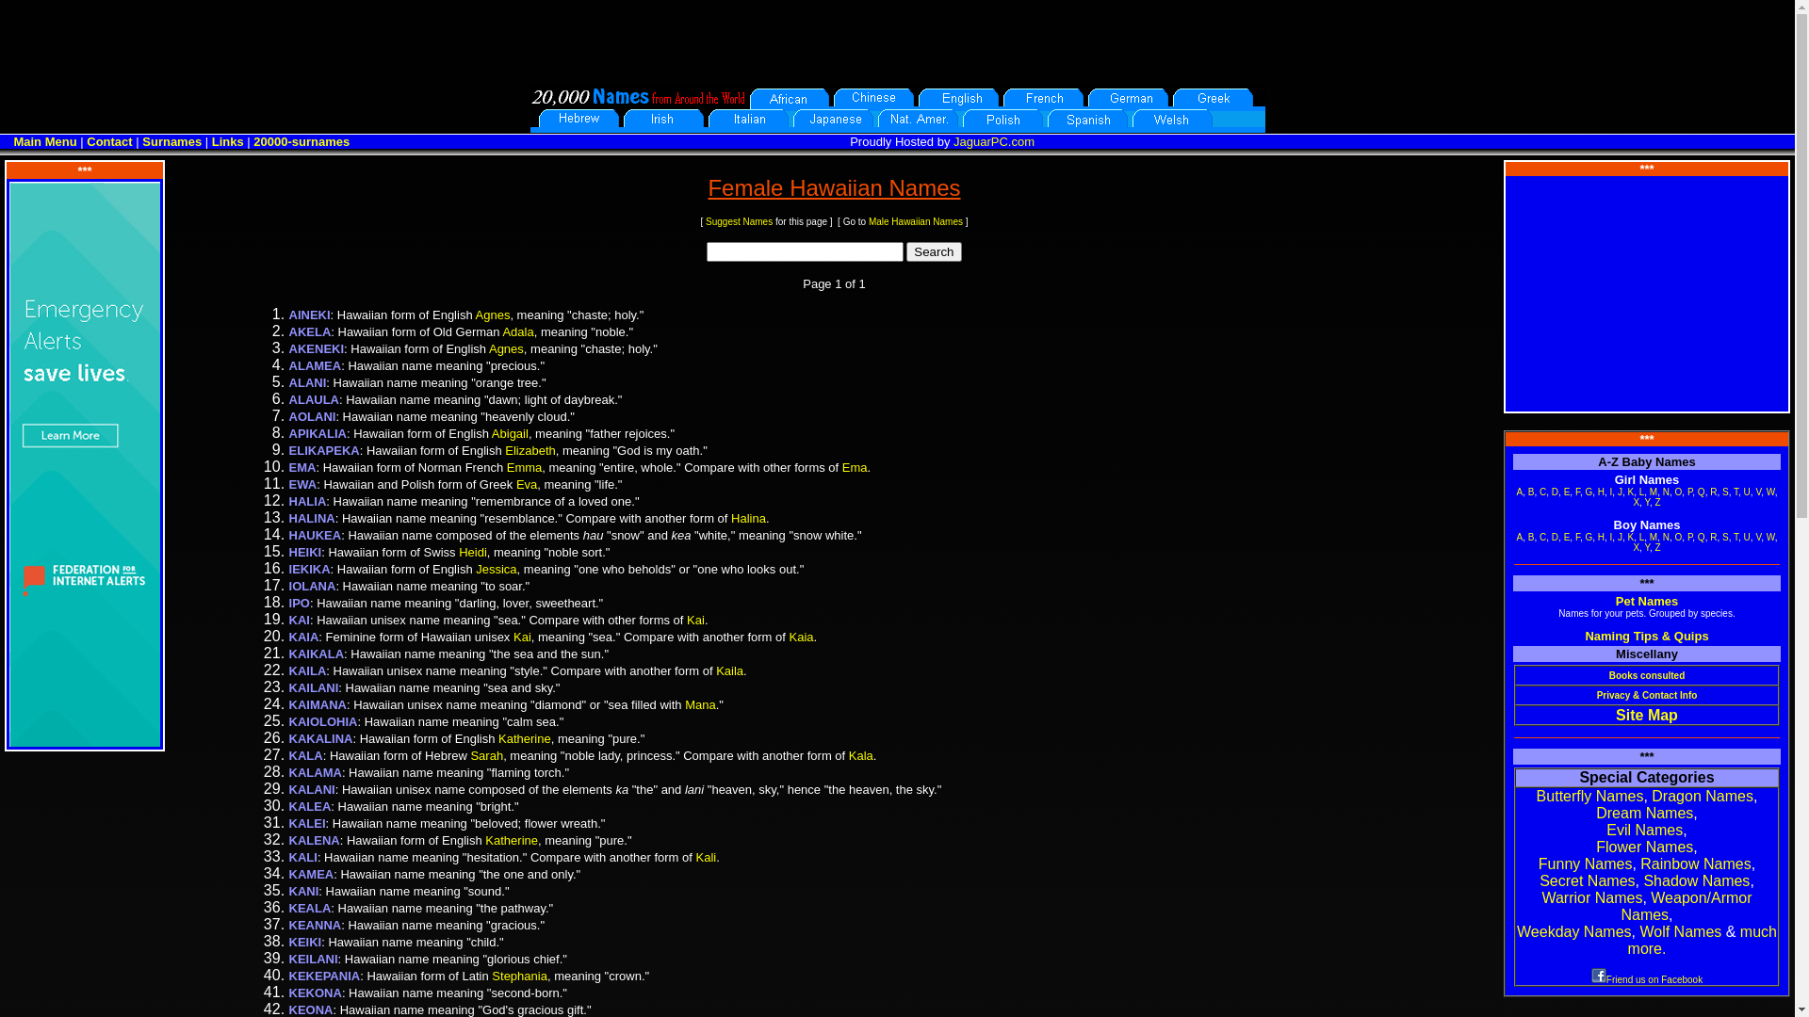 The image size is (1809, 1017). What do you see at coordinates (171, 140) in the screenshot?
I see `'Surnames'` at bounding box center [171, 140].